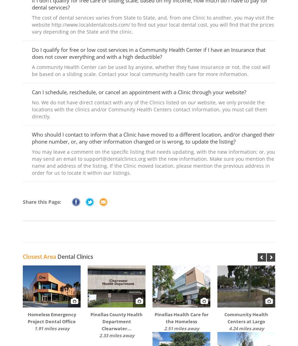  What do you see at coordinates (163, 328) in the screenshot?
I see `'2.51 miles away'` at bounding box center [163, 328].